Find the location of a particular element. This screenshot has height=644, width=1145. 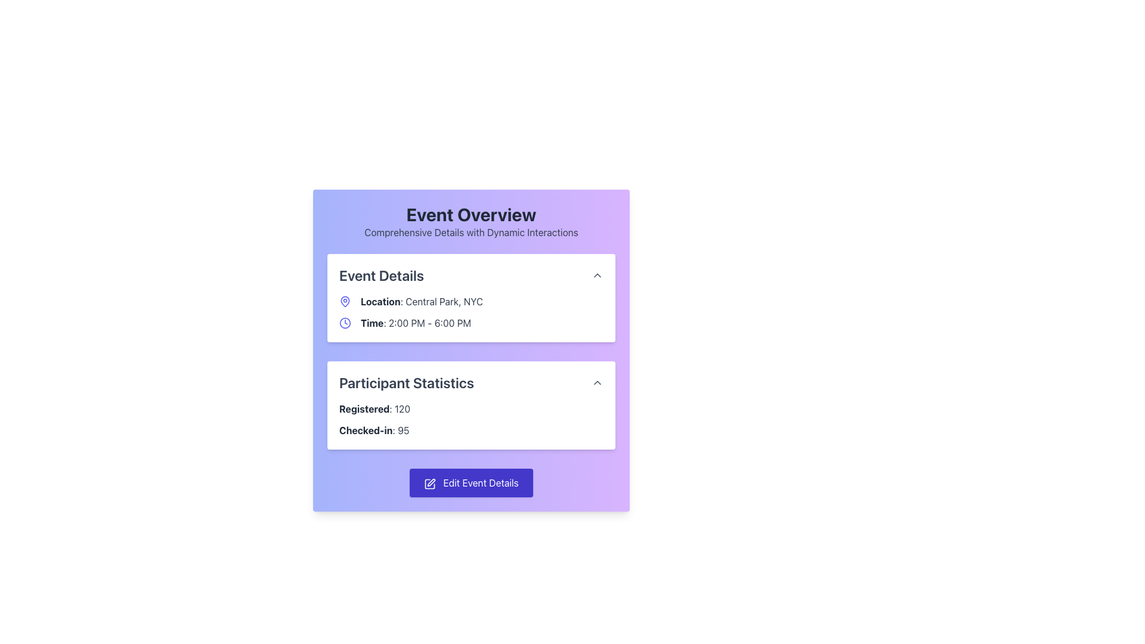

the text label displaying 'Comprehensive Details with Dynamic Interactions' which is centrally aligned below the 'Event Overview' heading on a gradient purple background is located at coordinates (471, 232).